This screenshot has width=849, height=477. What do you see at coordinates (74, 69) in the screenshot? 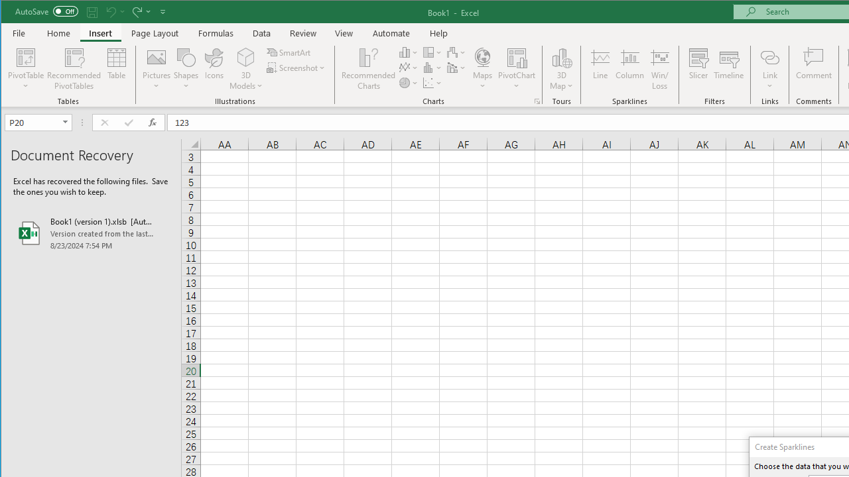
I see `'Recommended PivotTables'` at bounding box center [74, 69].